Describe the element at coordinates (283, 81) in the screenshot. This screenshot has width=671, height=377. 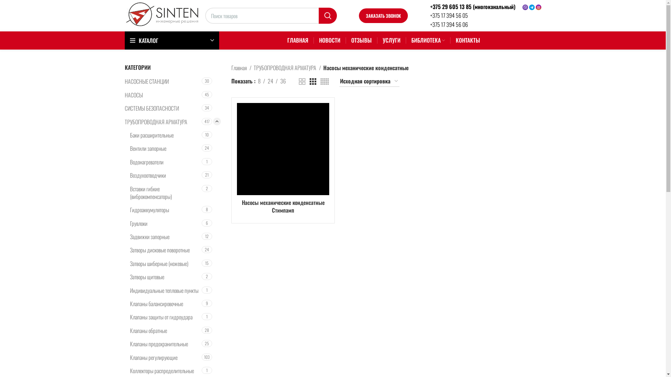
I see `'36'` at that location.